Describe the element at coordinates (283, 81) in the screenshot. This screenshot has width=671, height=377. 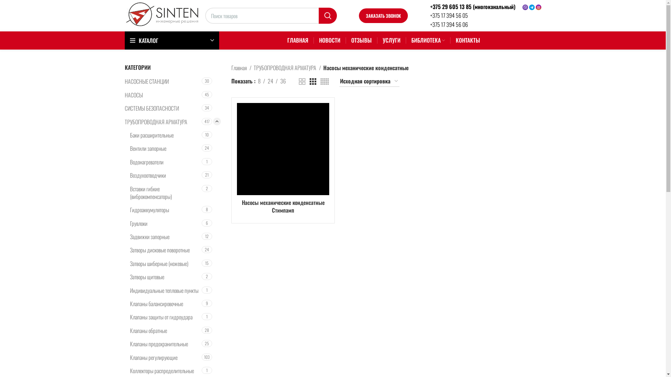
I see `'36'` at that location.